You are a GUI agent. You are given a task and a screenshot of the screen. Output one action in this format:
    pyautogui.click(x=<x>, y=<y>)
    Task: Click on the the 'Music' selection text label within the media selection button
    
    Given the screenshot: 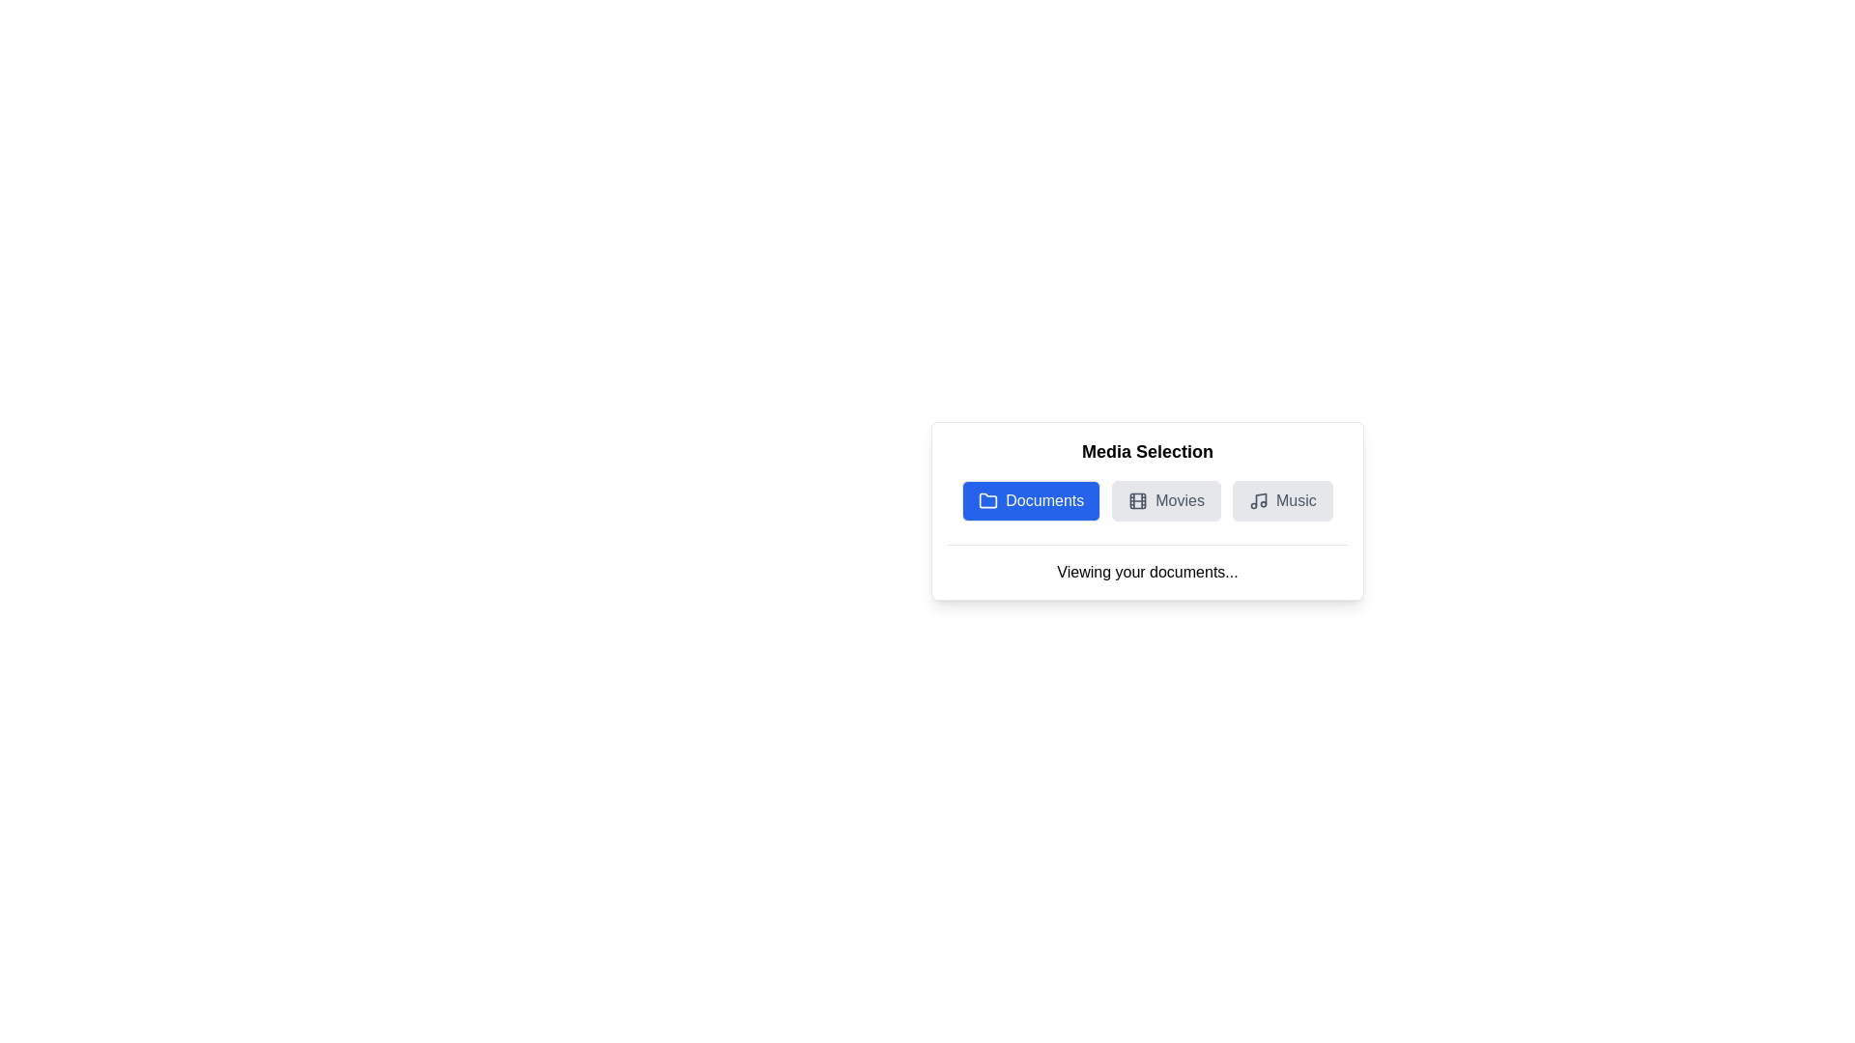 What is the action you would take?
    pyautogui.click(x=1296, y=500)
    